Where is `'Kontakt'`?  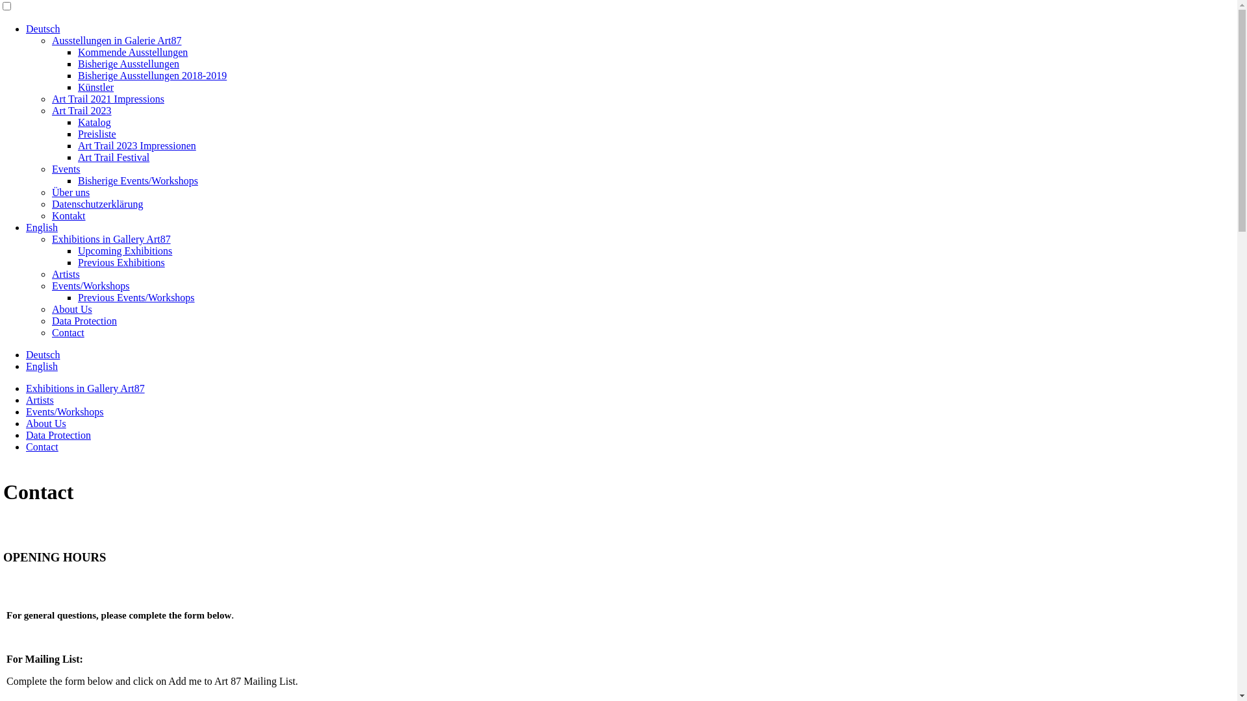
'Kontakt' is located at coordinates (68, 215).